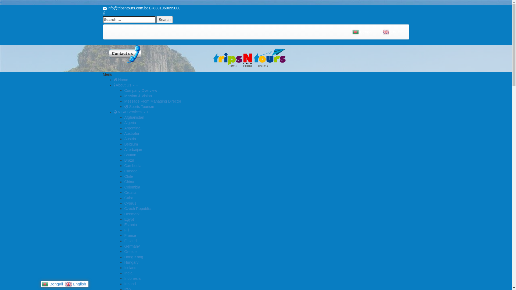 This screenshot has width=516, height=290. Describe the element at coordinates (132, 128) in the screenshot. I see `'Argentina'` at that location.